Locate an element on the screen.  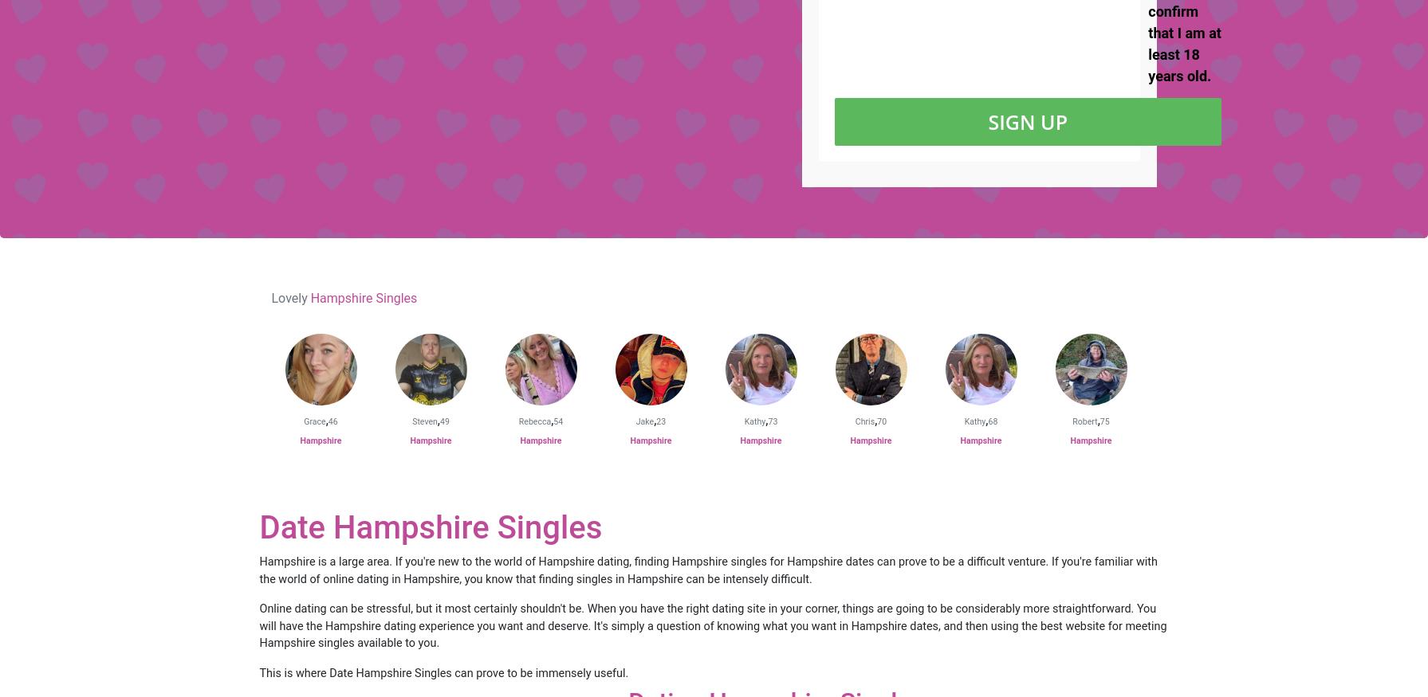
'Rebecca' is located at coordinates (534, 421).